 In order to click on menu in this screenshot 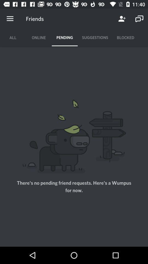, I will do `click(10, 19)`.